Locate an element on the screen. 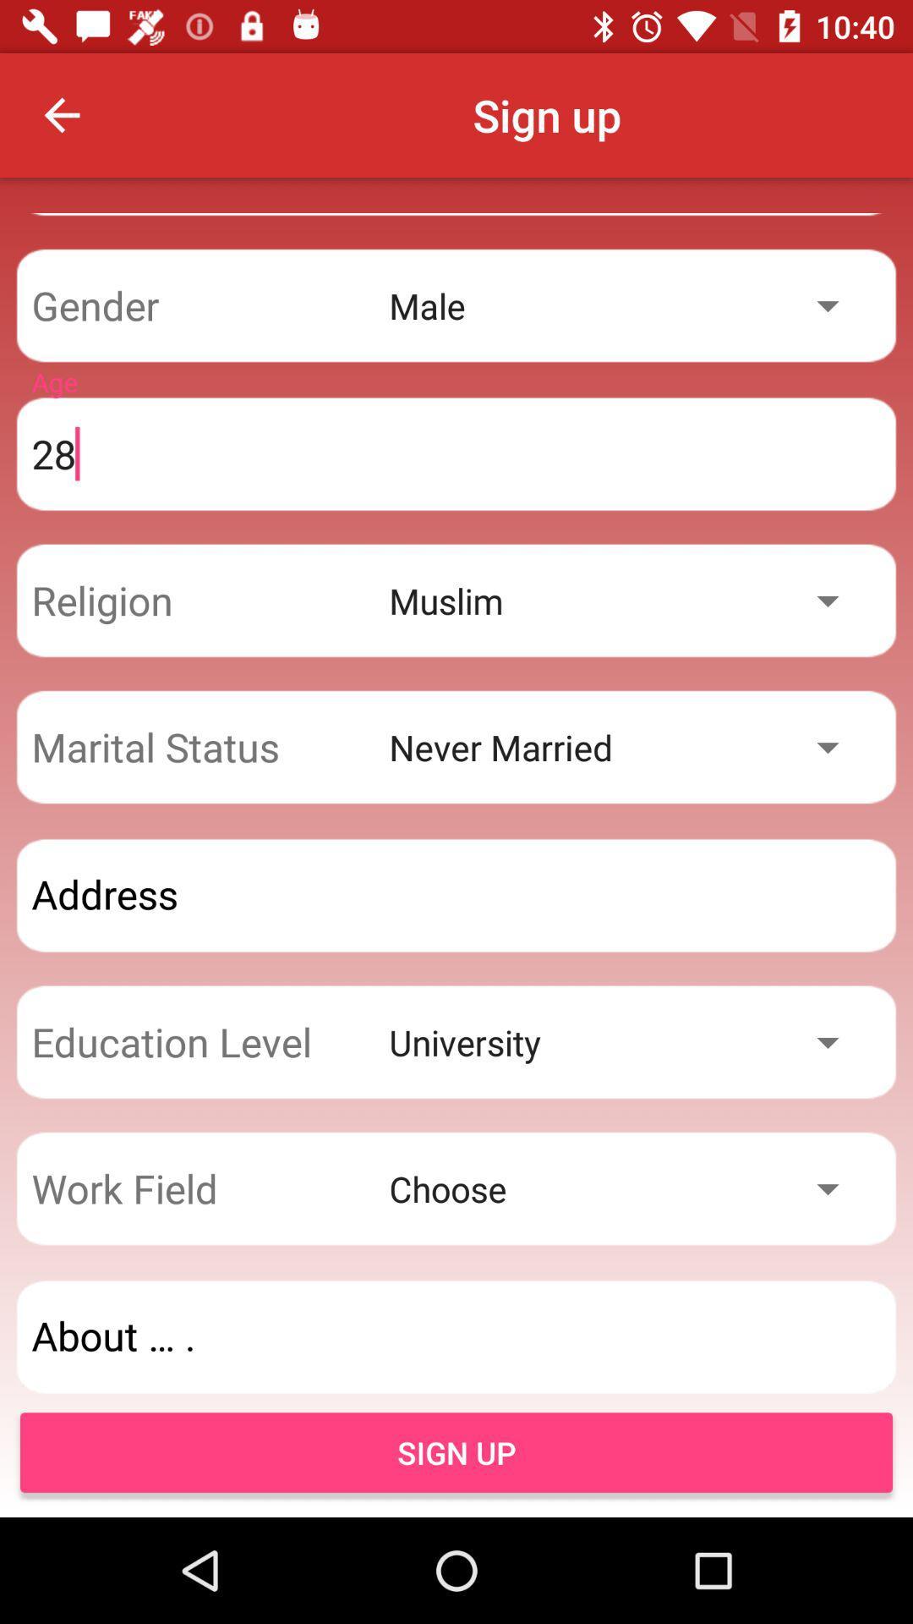 This screenshot has width=913, height=1624. adress entering bar is located at coordinates (456, 895).